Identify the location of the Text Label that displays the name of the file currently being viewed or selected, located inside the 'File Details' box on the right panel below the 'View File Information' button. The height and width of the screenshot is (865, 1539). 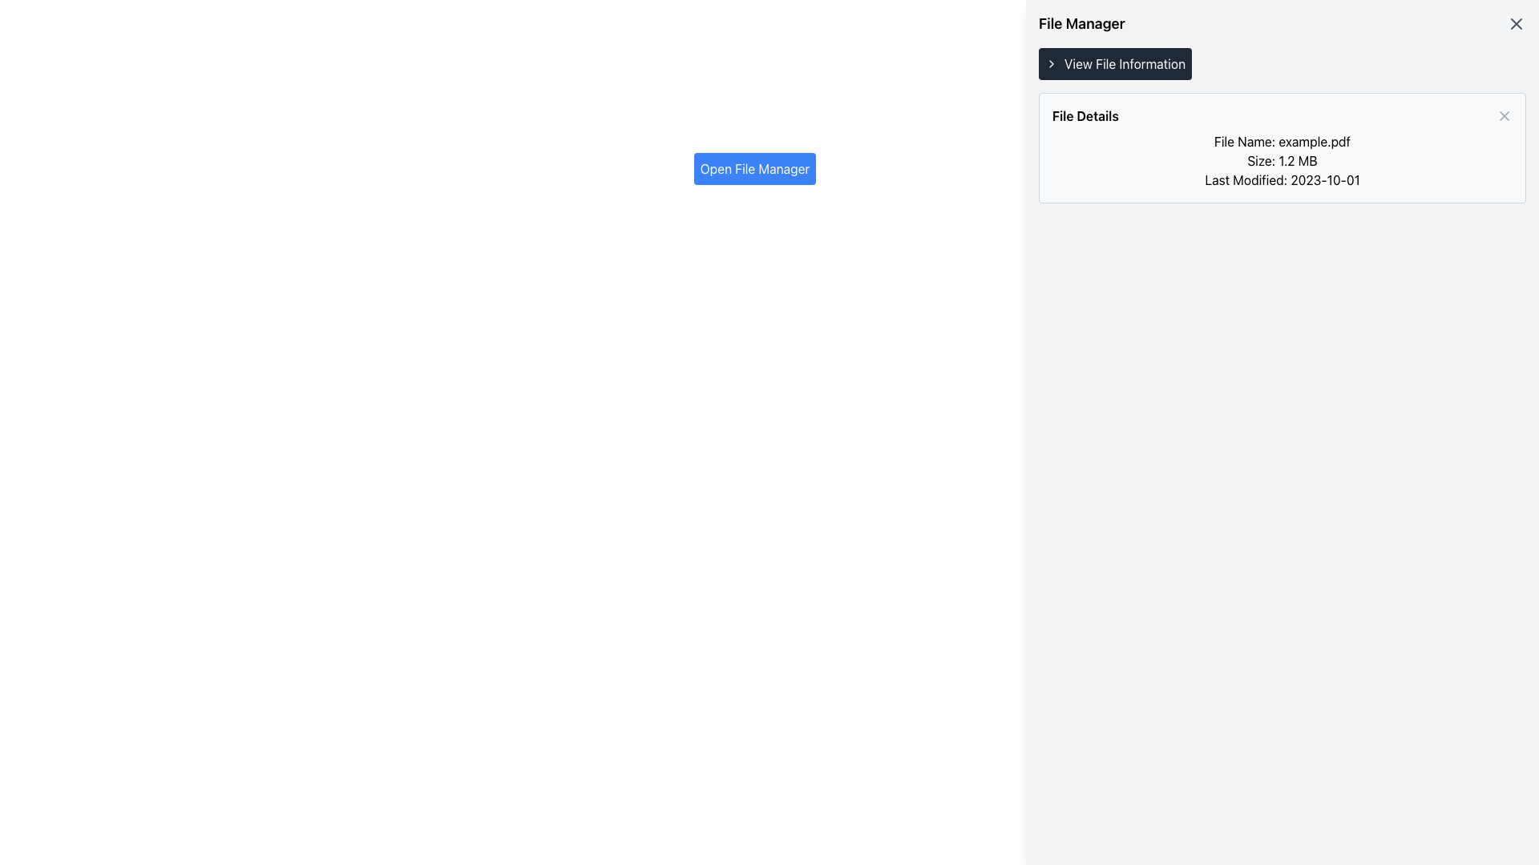
(1281, 141).